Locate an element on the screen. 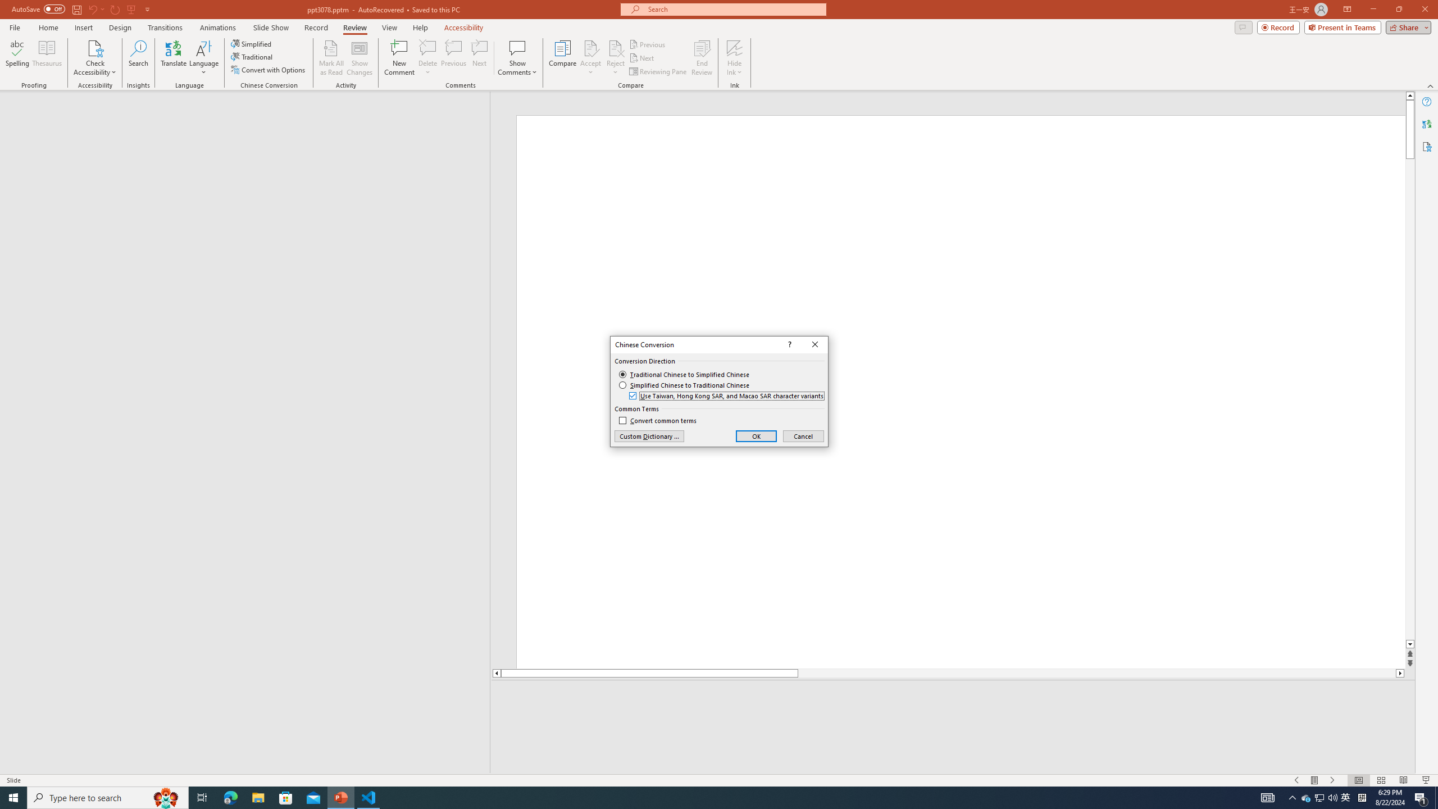  'Convert common terms' is located at coordinates (657, 420).